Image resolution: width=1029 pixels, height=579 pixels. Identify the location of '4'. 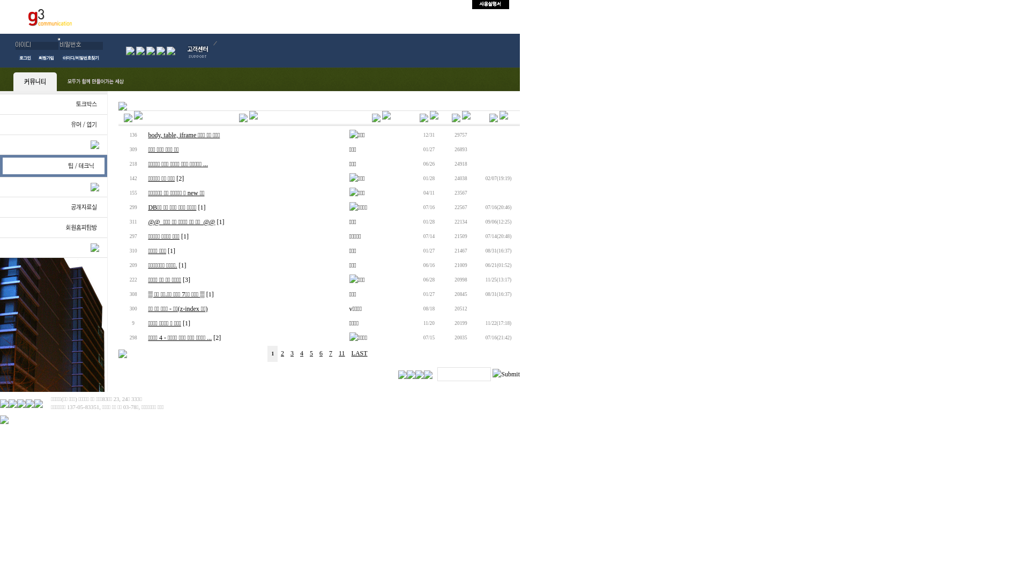
(301, 353).